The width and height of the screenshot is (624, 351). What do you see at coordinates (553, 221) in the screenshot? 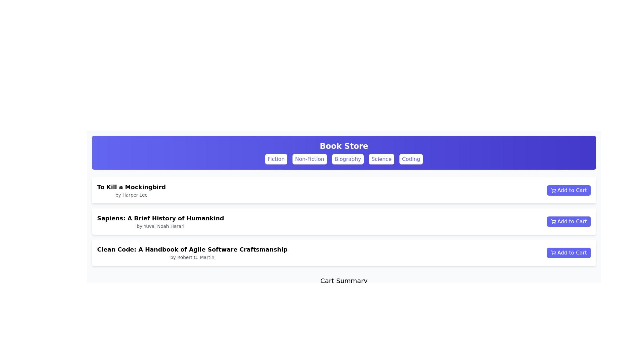
I see `the shopping cart icon located in the 'Add to Cart' button at the right end of the interface's second row` at bounding box center [553, 221].